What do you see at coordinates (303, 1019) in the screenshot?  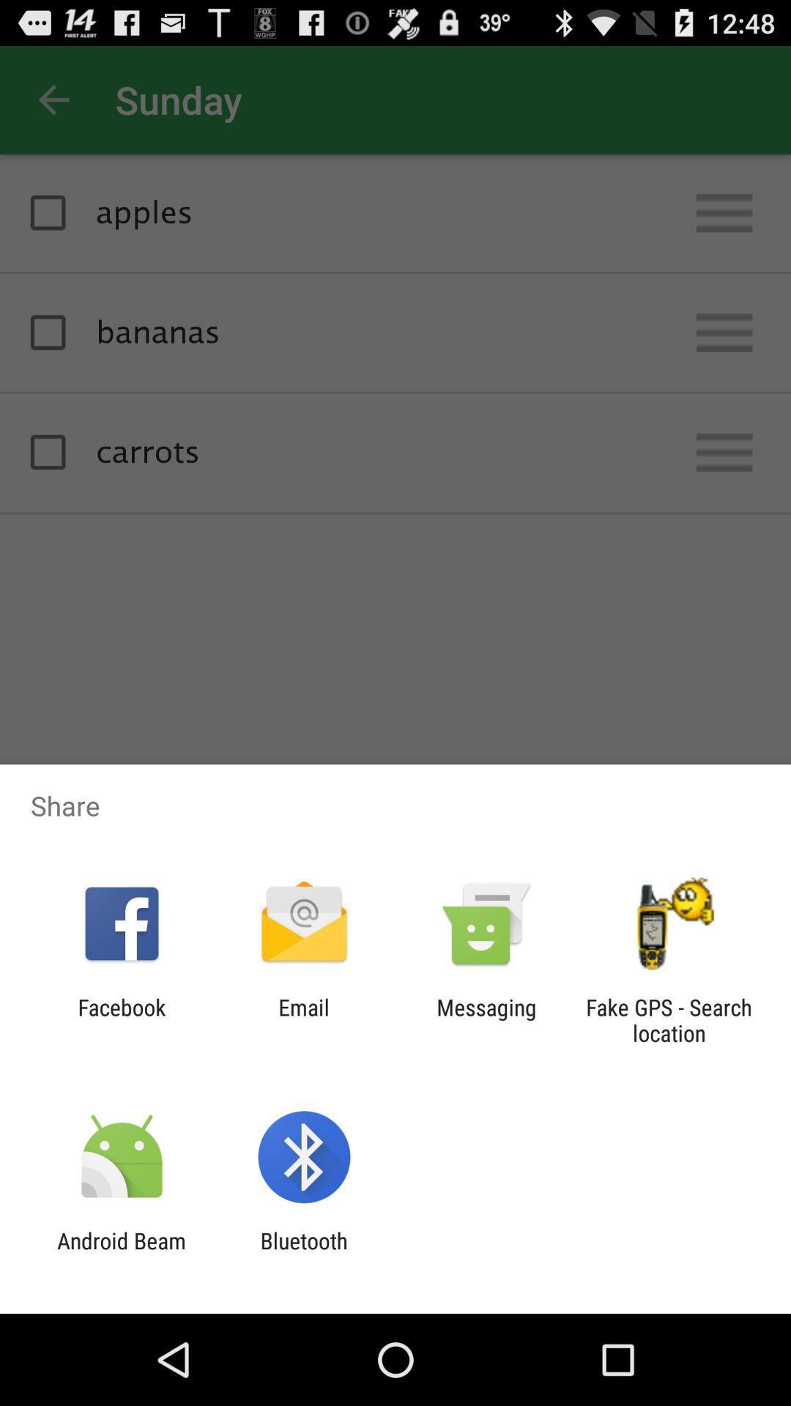 I see `the icon next to the facebook app` at bounding box center [303, 1019].